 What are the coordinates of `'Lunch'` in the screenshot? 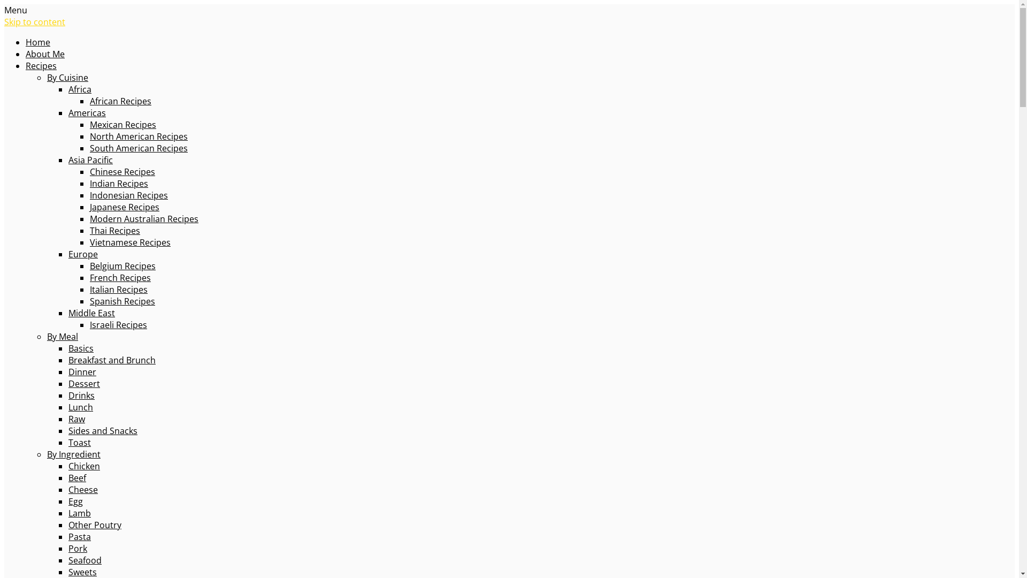 It's located at (80, 407).